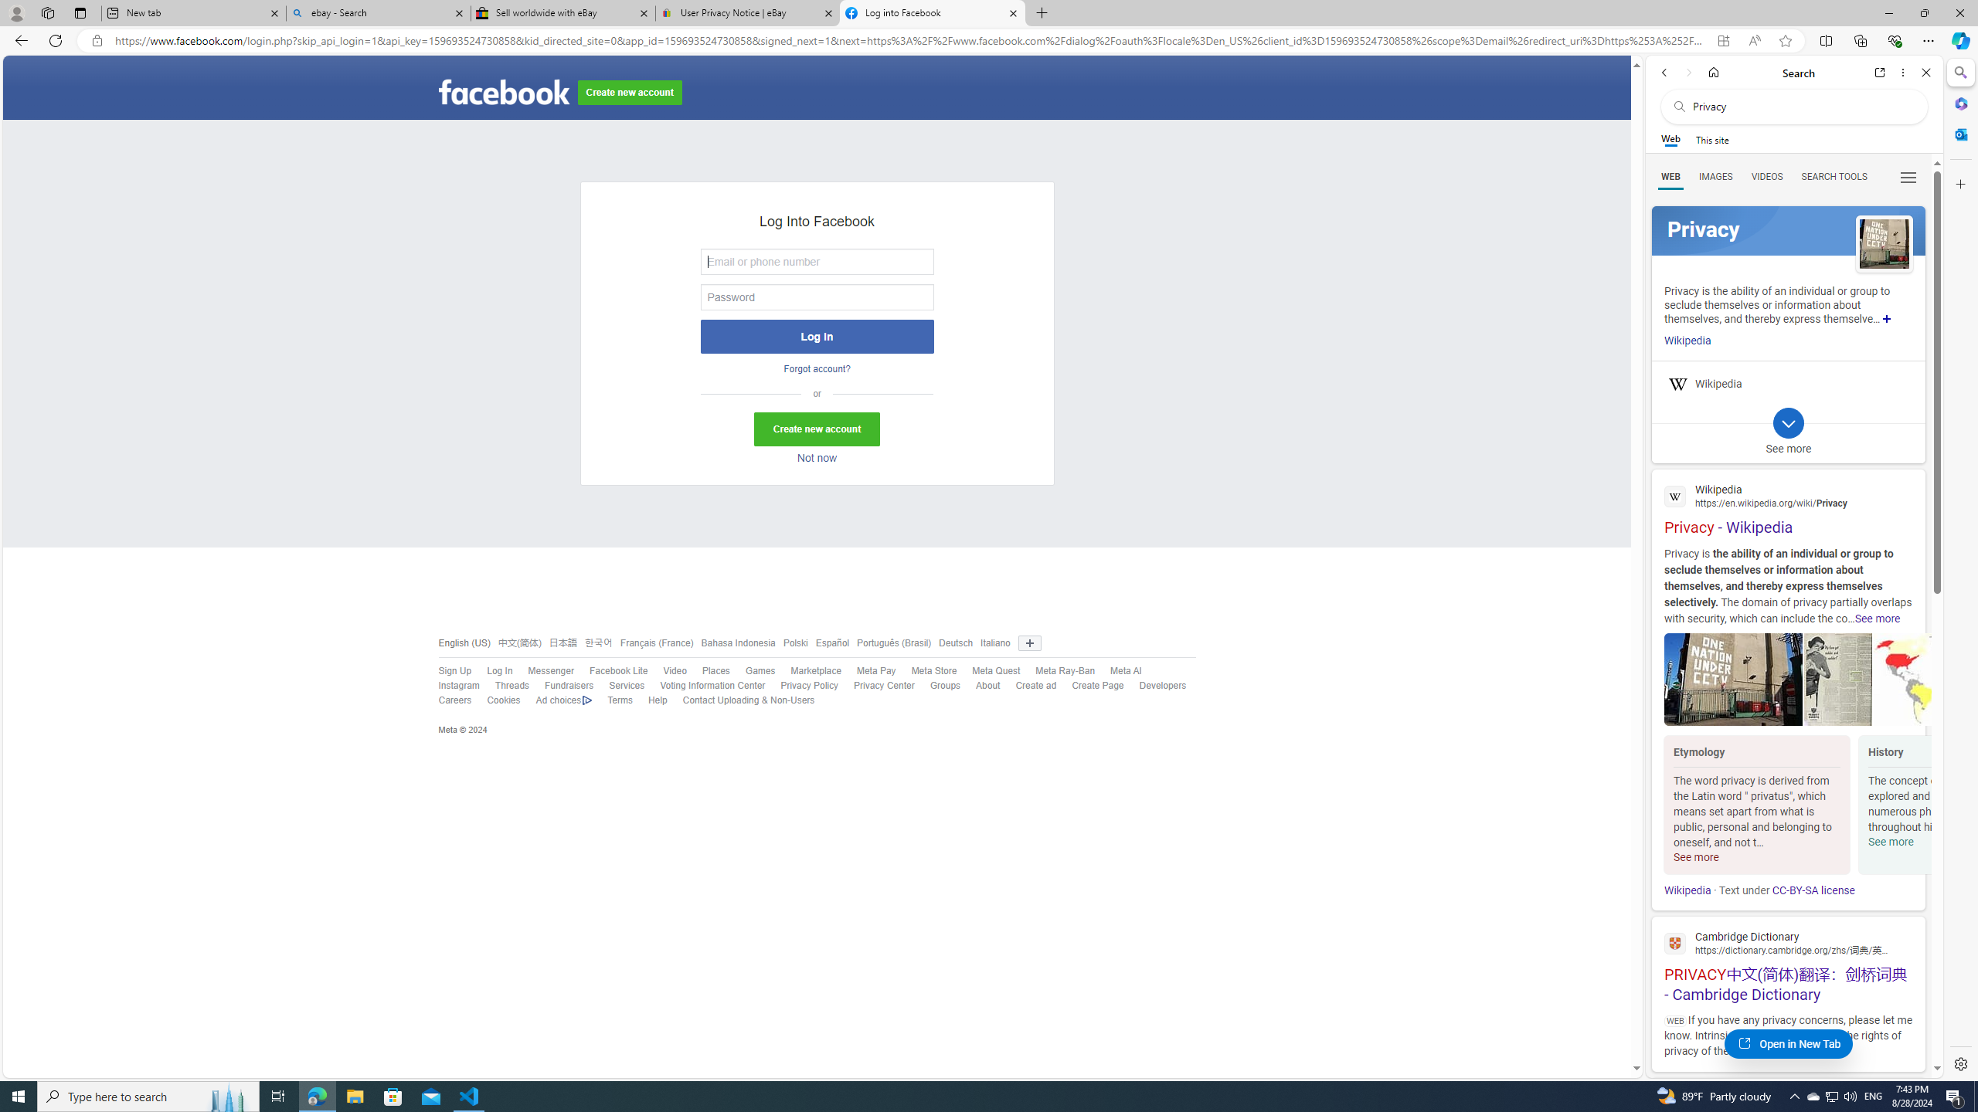 This screenshot has width=1978, height=1112. What do you see at coordinates (1089, 686) in the screenshot?
I see `'Create Page'` at bounding box center [1089, 686].